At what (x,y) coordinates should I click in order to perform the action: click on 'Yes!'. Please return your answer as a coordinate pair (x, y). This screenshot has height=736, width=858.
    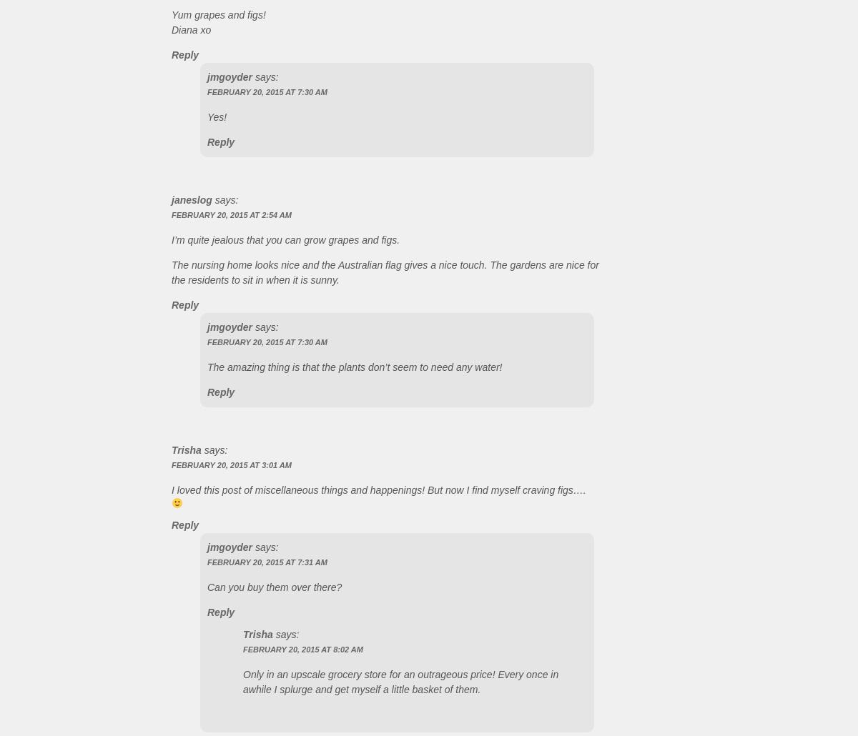
    Looking at the image, I should click on (217, 116).